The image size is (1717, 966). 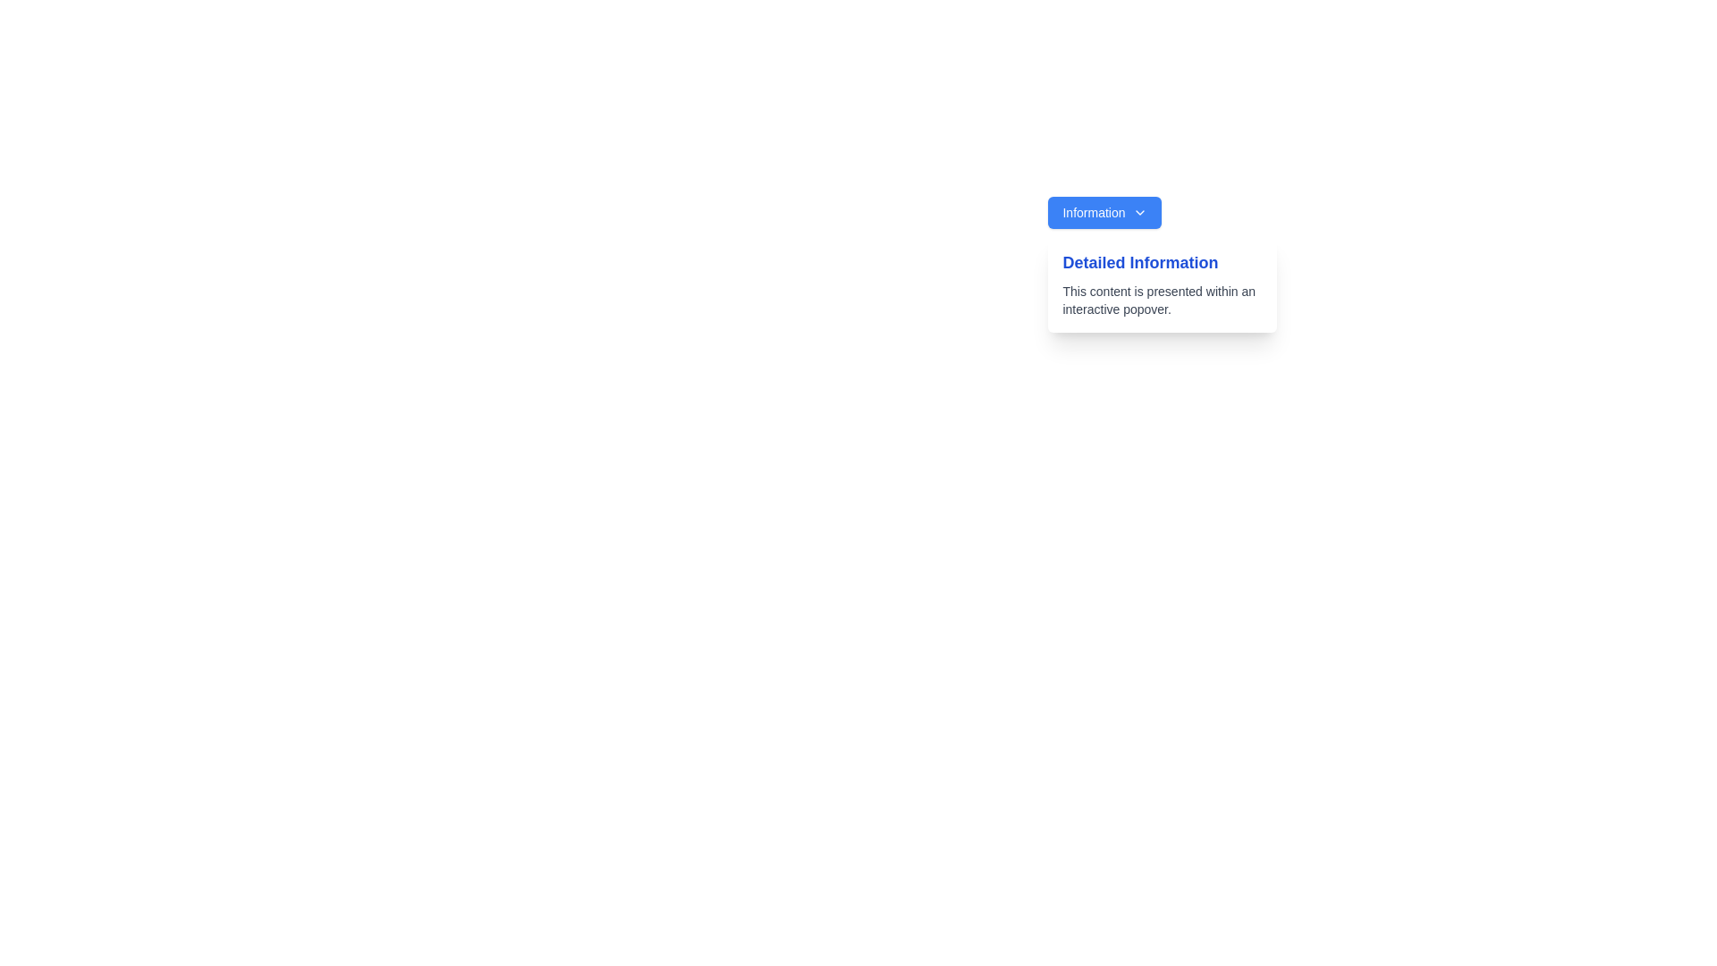 I want to click on the dropdown icon located at the right end of the 'Information' button, which has a blue background, so click(x=1138, y=212).